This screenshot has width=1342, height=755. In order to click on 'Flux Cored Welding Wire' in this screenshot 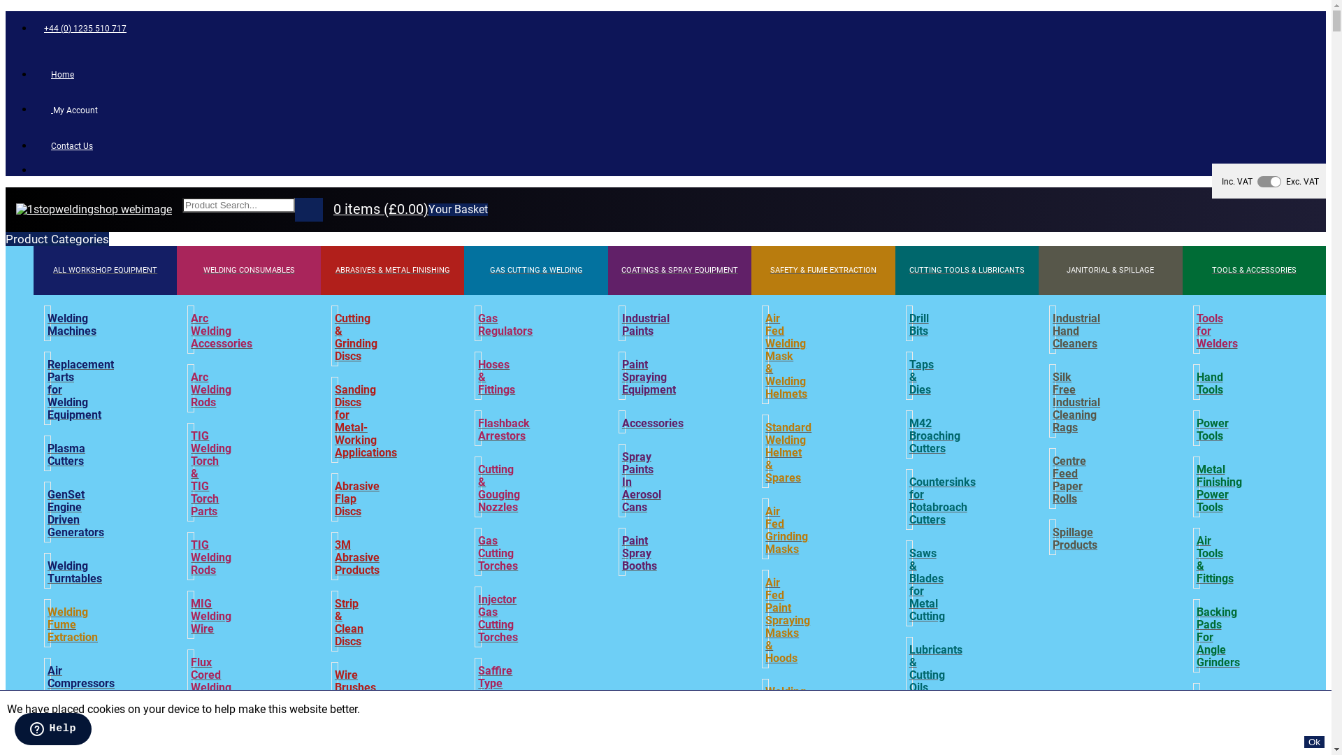, I will do `click(210, 681)`.